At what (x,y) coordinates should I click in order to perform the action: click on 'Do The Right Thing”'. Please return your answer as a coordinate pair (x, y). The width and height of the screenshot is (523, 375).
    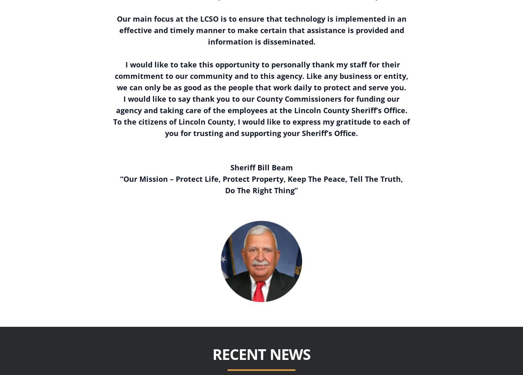
    Looking at the image, I should click on (261, 190).